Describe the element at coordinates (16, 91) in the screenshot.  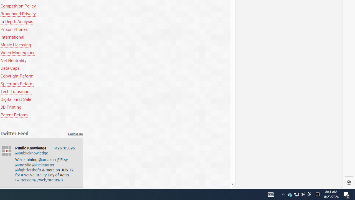
I see `'Tech Transitions'` at that location.